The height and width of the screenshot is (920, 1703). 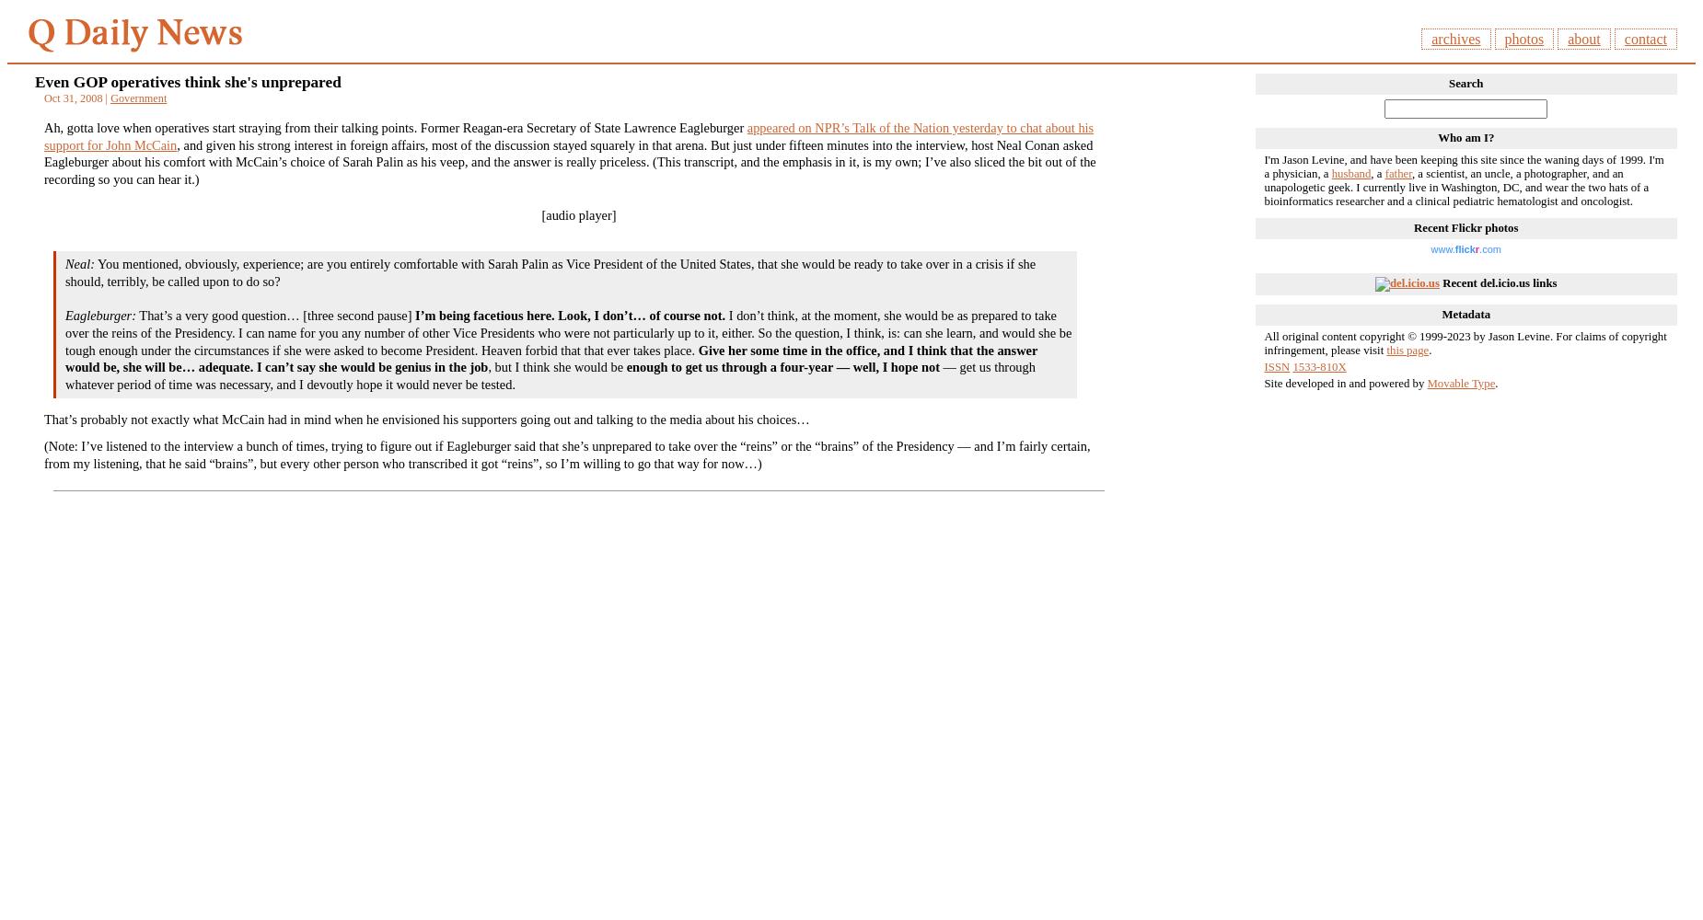 What do you see at coordinates (1465, 249) in the screenshot?
I see `'flick'` at bounding box center [1465, 249].